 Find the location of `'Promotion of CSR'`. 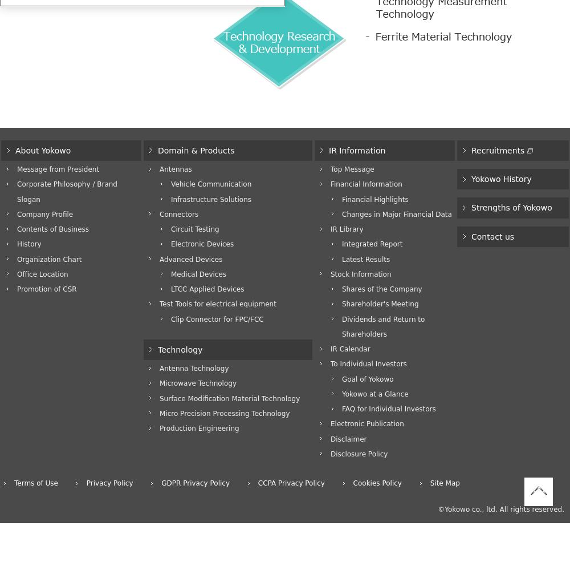

'Promotion of CSR' is located at coordinates (46, 288).